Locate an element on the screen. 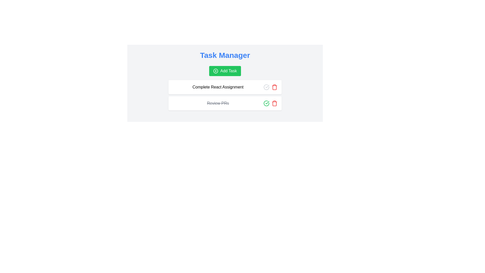  the delete button located in the lower section of the 'Task Manager' interface, specifically in the second row of tasks, adjacent to the text 'Review PRs' is located at coordinates (274, 87).